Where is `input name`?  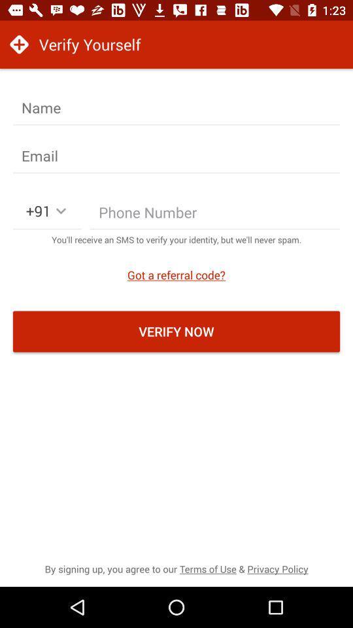
input name is located at coordinates (176, 107).